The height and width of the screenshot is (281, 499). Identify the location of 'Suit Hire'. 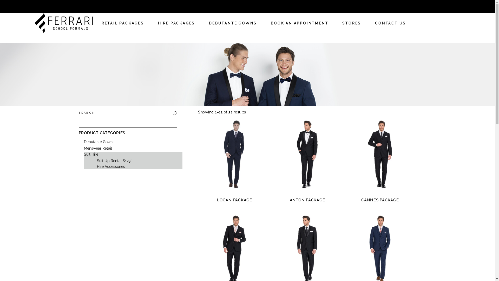
(91, 154).